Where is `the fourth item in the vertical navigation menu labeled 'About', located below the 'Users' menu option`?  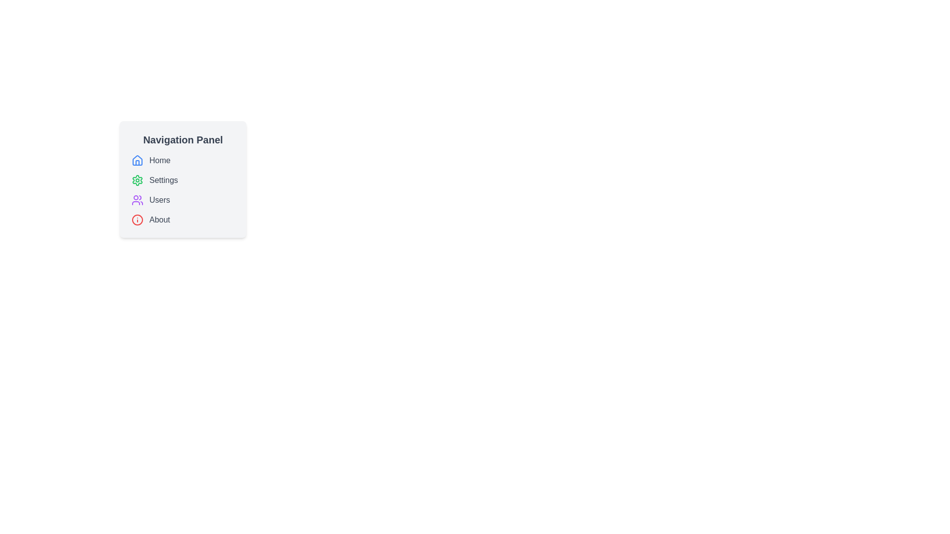
the fourth item in the vertical navigation menu labeled 'About', located below the 'Users' menu option is located at coordinates (183, 219).